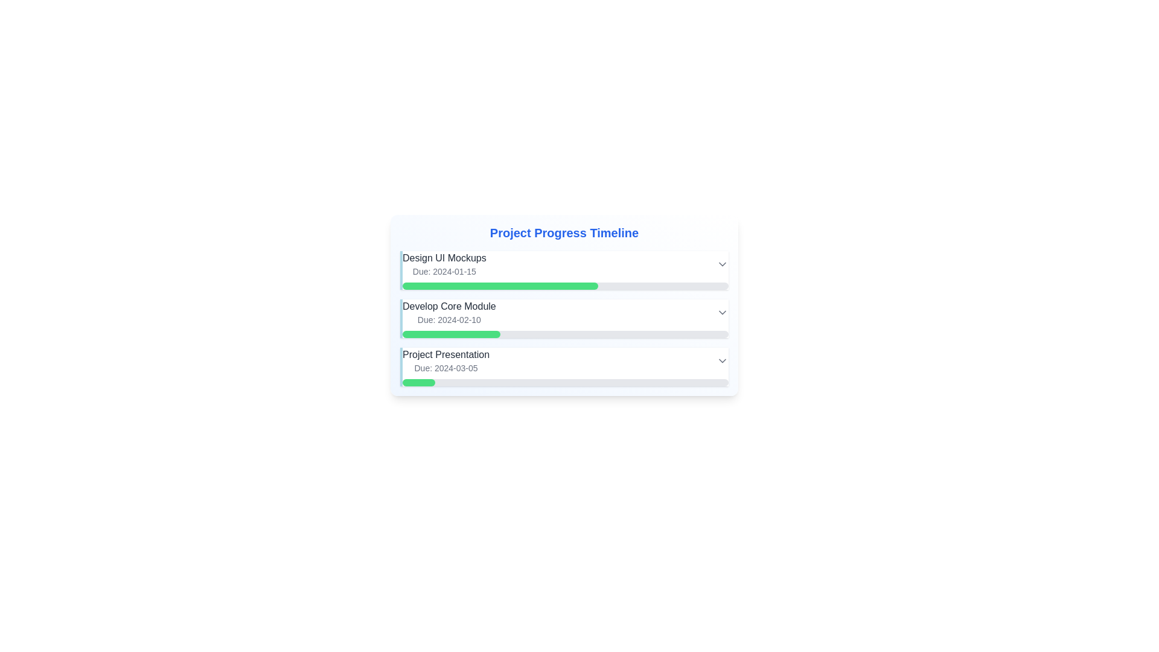  What do you see at coordinates (445, 354) in the screenshot?
I see `the text label displaying 'Project Presentation' which is located above the progress bar and below 'Develop Core Module'` at bounding box center [445, 354].